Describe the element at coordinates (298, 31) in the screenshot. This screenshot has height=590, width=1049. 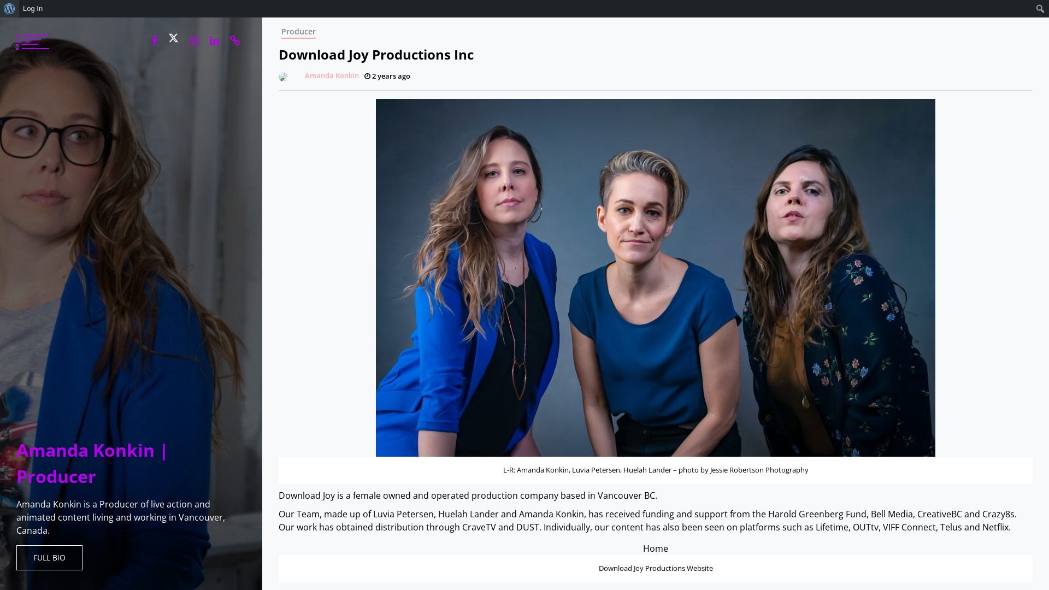
I see `'Producer'` at that location.